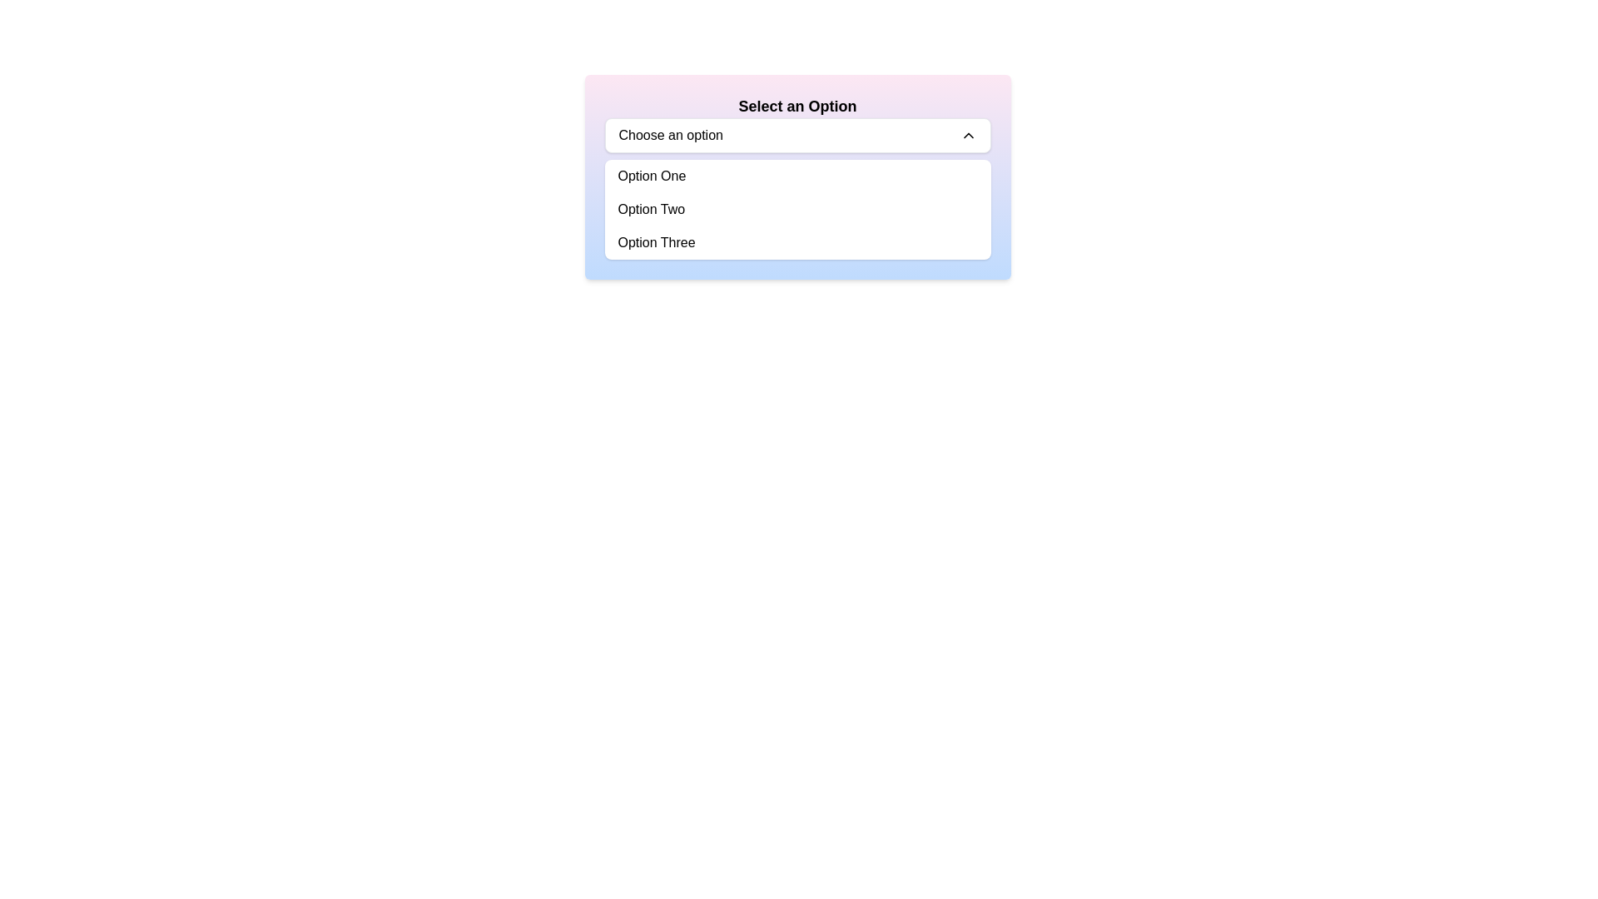  Describe the element at coordinates (797, 243) in the screenshot. I see `the 'Option Three' menu option located in the dropdown menu labeled 'Select an Option'` at that location.